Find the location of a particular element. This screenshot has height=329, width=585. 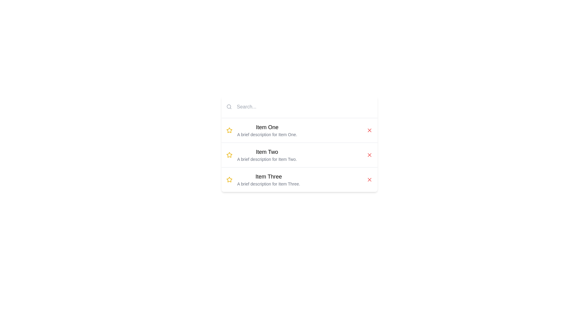

the second row list item that contains a title and description, positioned between 'Item One' and 'Item Three' is located at coordinates (299, 154).